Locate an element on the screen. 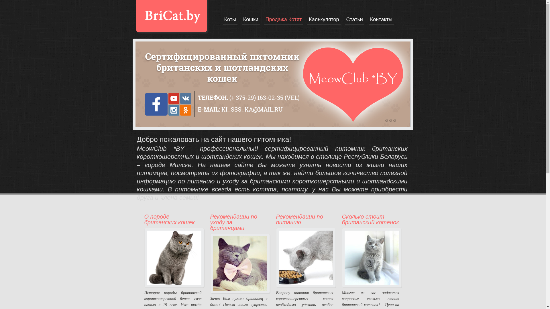  '3' is located at coordinates (394, 120).